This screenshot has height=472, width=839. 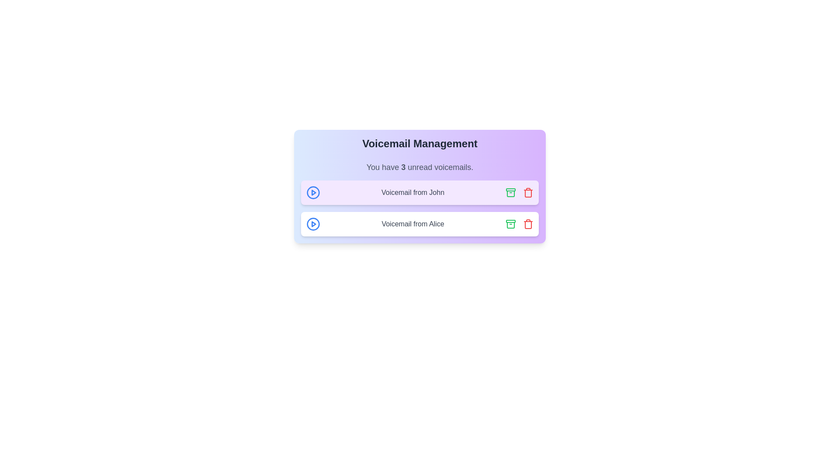 I want to click on the bold numeral '3' within the text 'You have 3 unread voicemails.' located between the words 'have' and 'unread', so click(x=403, y=167).